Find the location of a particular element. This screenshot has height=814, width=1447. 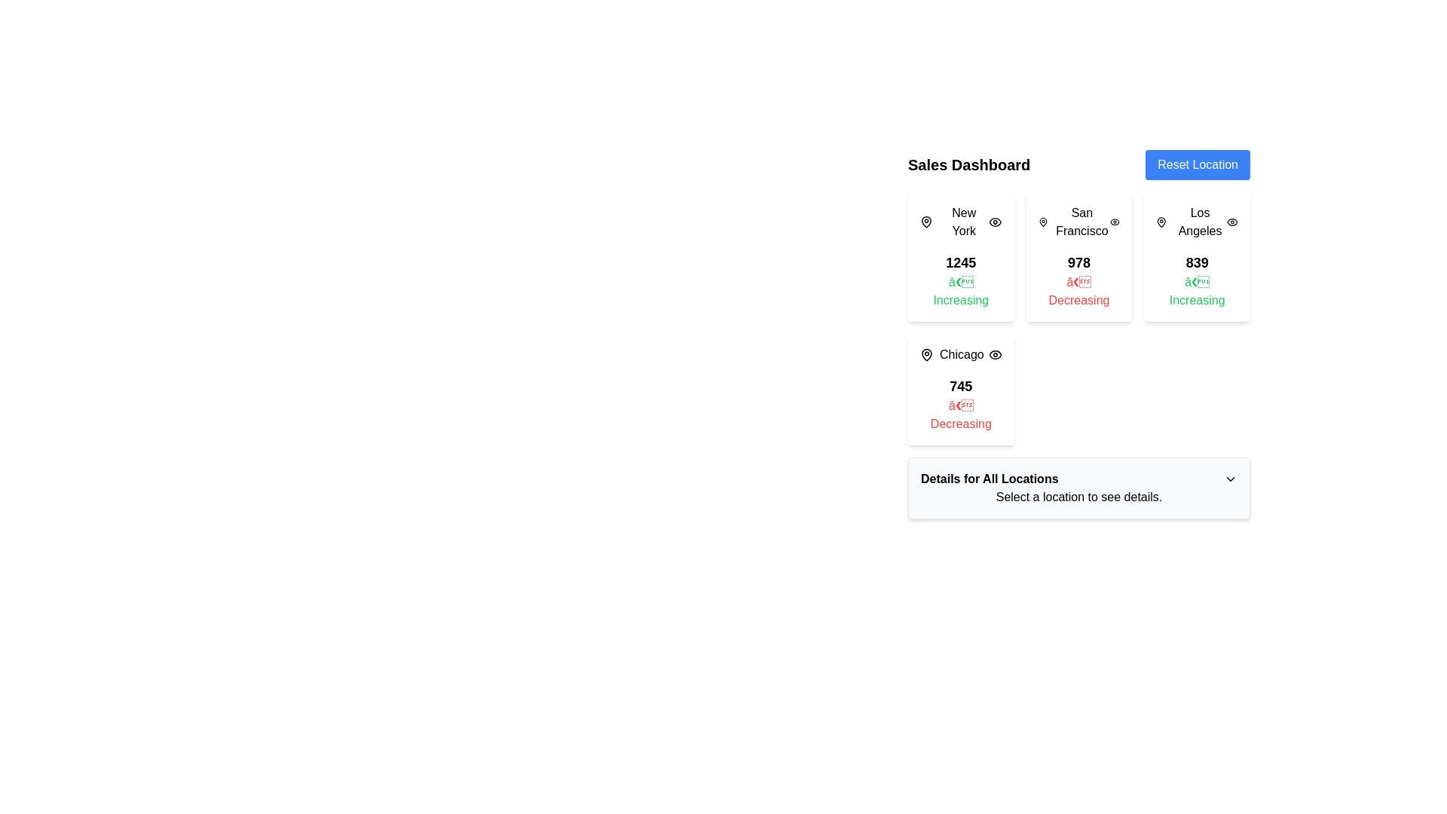

the static text label styled in red with the content '↘ Decreasing', located inside the San Francisco data card below the numerical figure '978' is located at coordinates (1078, 291).